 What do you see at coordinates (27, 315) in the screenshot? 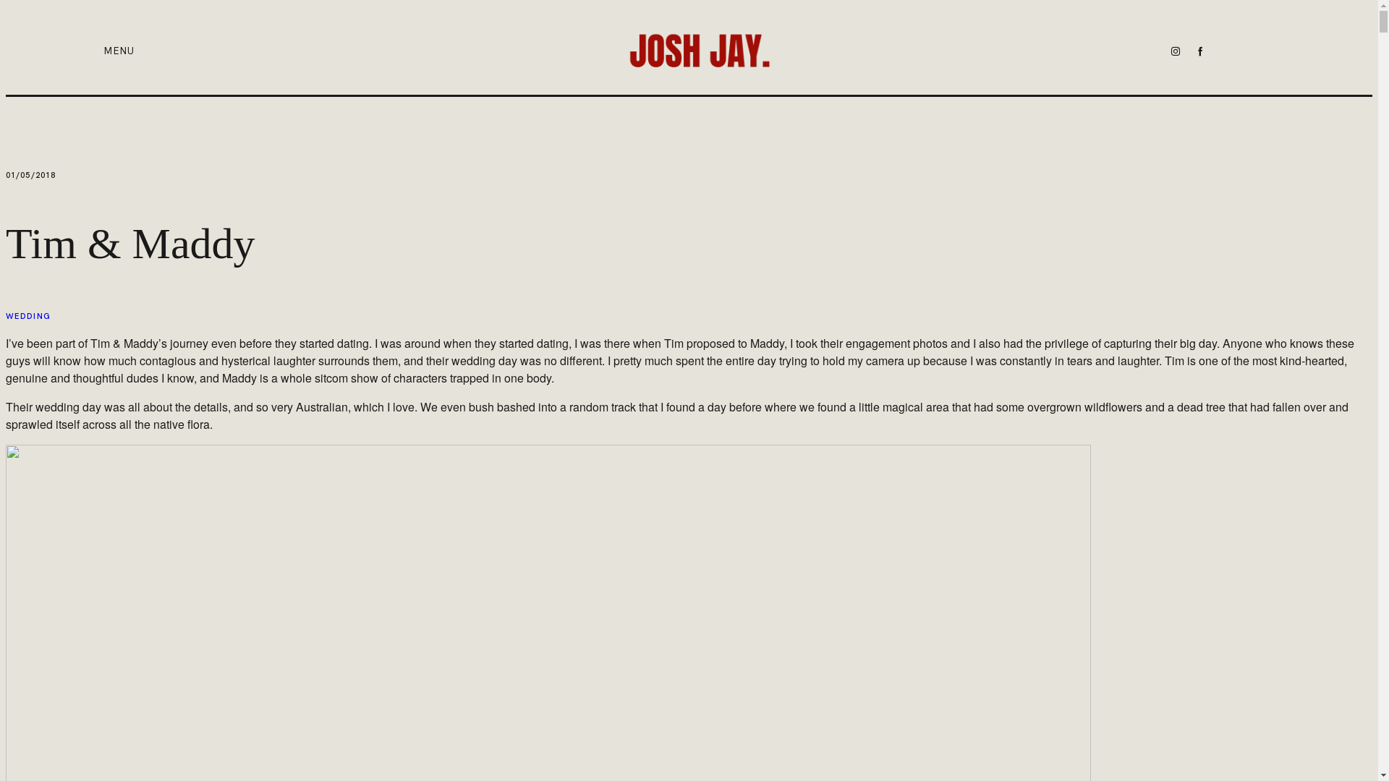
I see `'WEDDING'` at bounding box center [27, 315].